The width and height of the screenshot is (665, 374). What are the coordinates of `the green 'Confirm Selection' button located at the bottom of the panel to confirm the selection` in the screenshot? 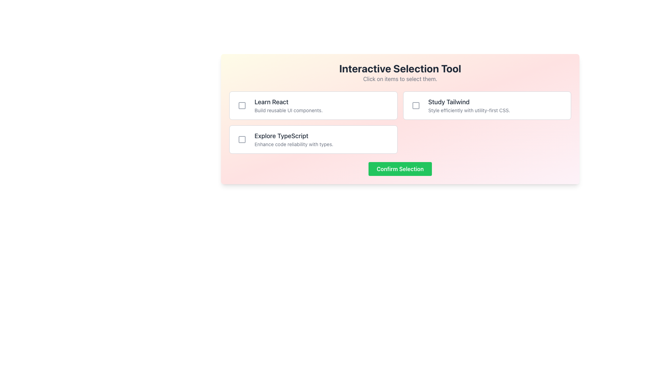 It's located at (400, 169).